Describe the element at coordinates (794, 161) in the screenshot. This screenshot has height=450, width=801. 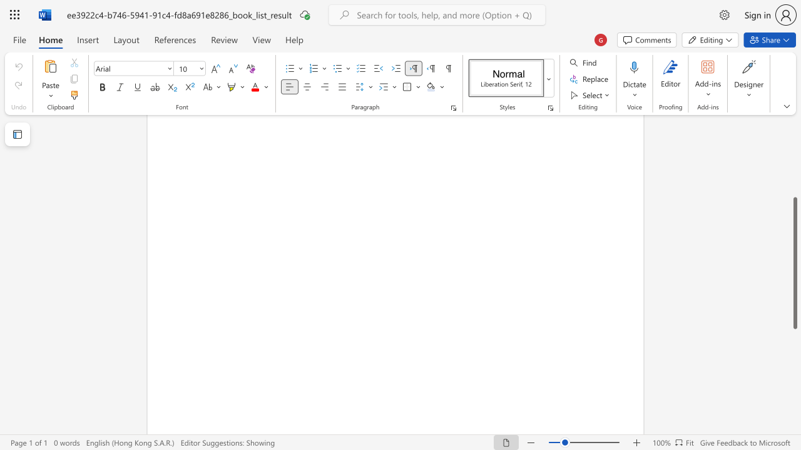
I see `the page's right scrollbar for upward movement` at that location.